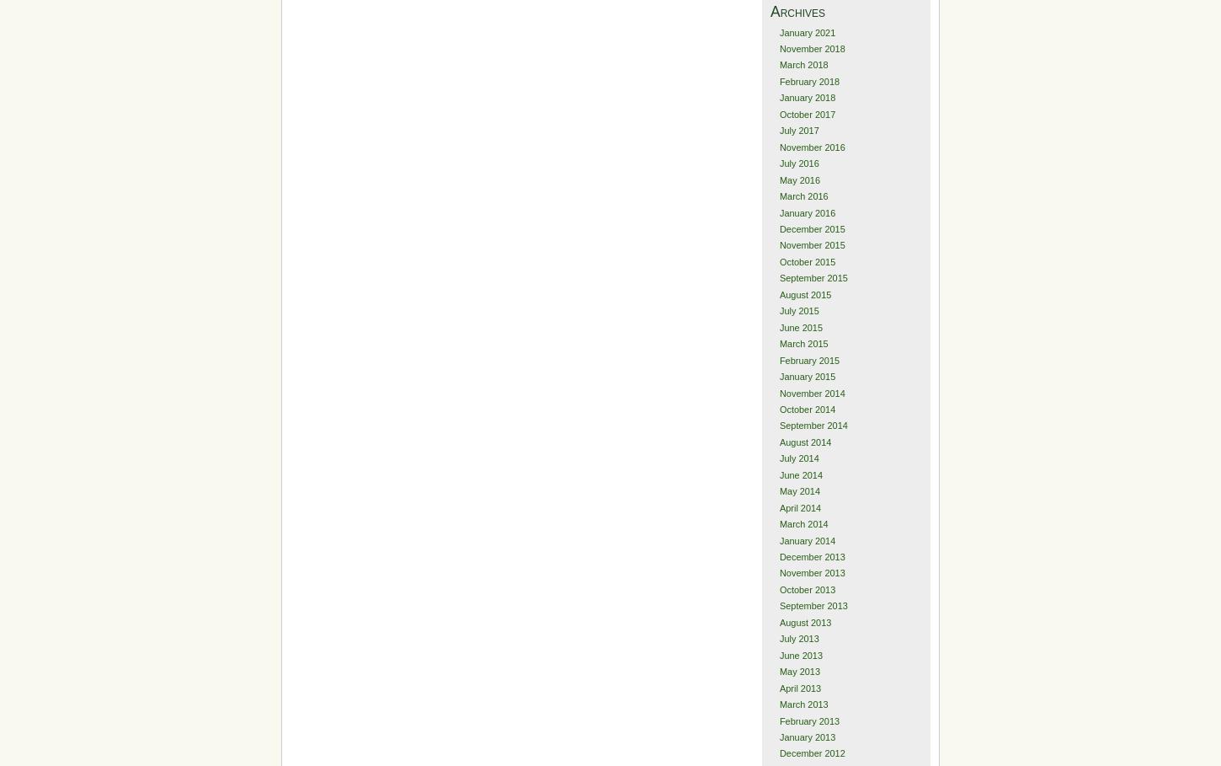  Describe the element at coordinates (812, 277) in the screenshot. I see `'September 2015'` at that location.